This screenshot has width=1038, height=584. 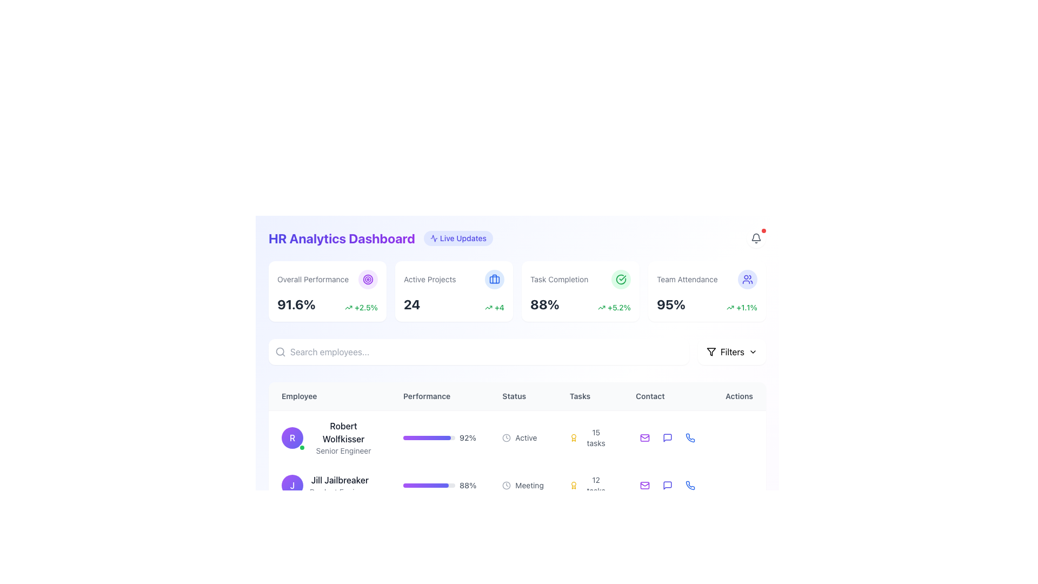 What do you see at coordinates (368, 278) in the screenshot?
I see `the graphical indicator located to the right of the 'Overall Performance' label in the top section of the interface` at bounding box center [368, 278].